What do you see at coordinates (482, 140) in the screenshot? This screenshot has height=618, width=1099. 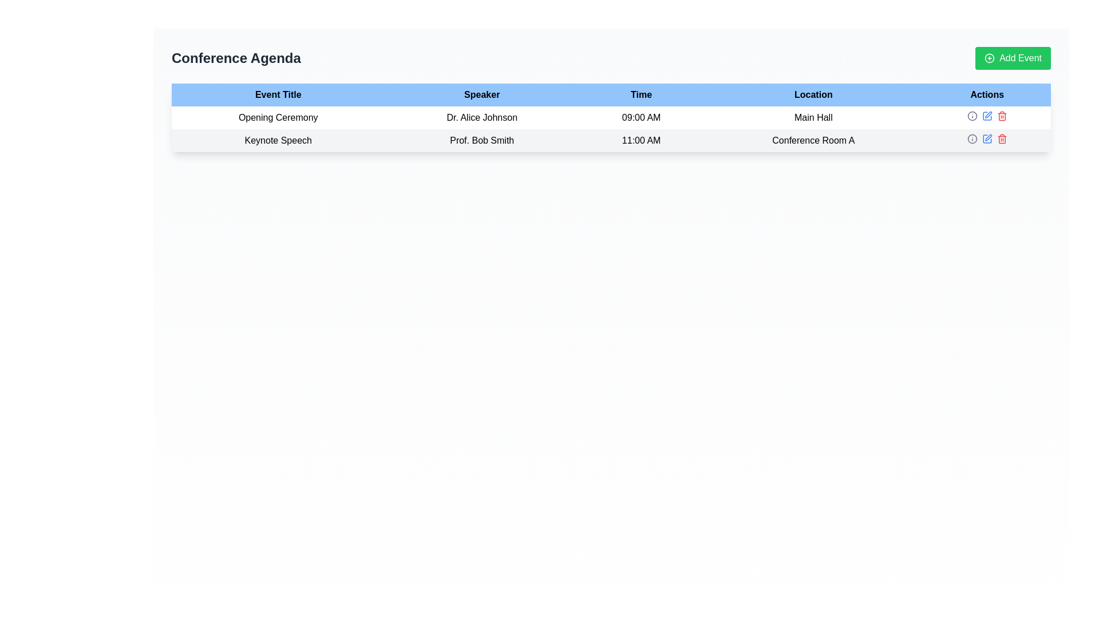 I see `the static text element that displays the speaker information for the second row in the table, located between the 'Keynote Speech' entry and the '11:00 AM' entry` at bounding box center [482, 140].